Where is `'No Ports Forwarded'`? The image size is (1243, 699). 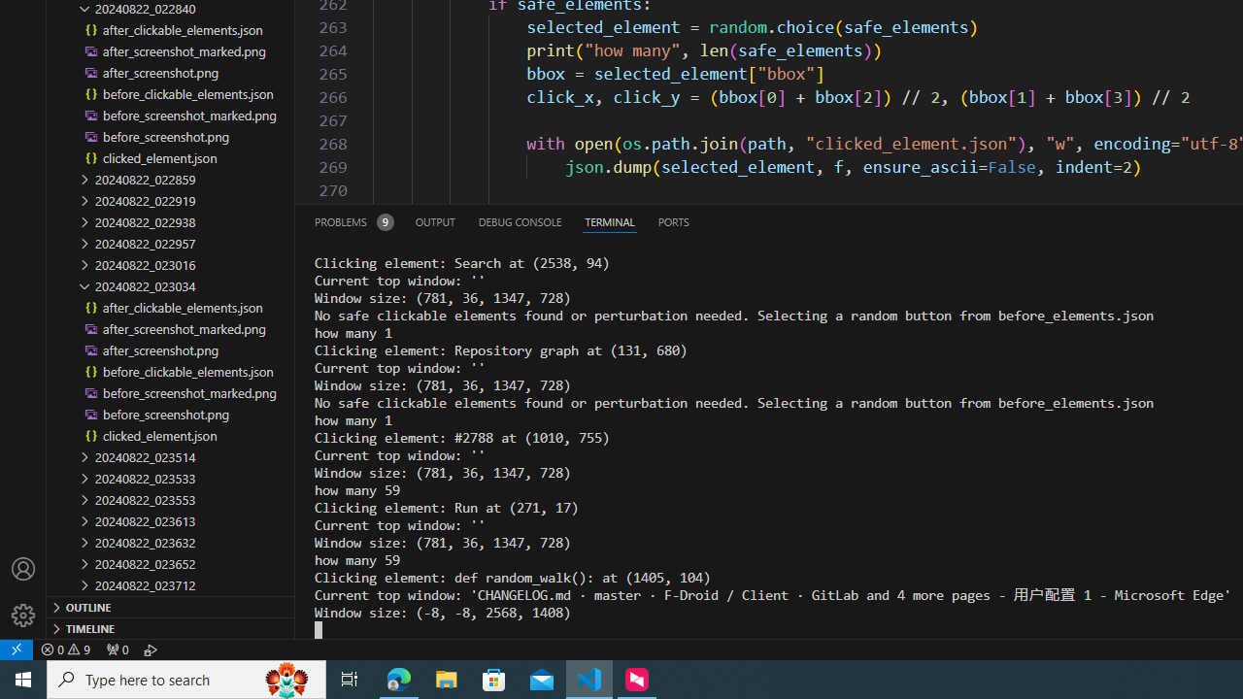 'No Ports Forwarded' is located at coordinates (116, 649).